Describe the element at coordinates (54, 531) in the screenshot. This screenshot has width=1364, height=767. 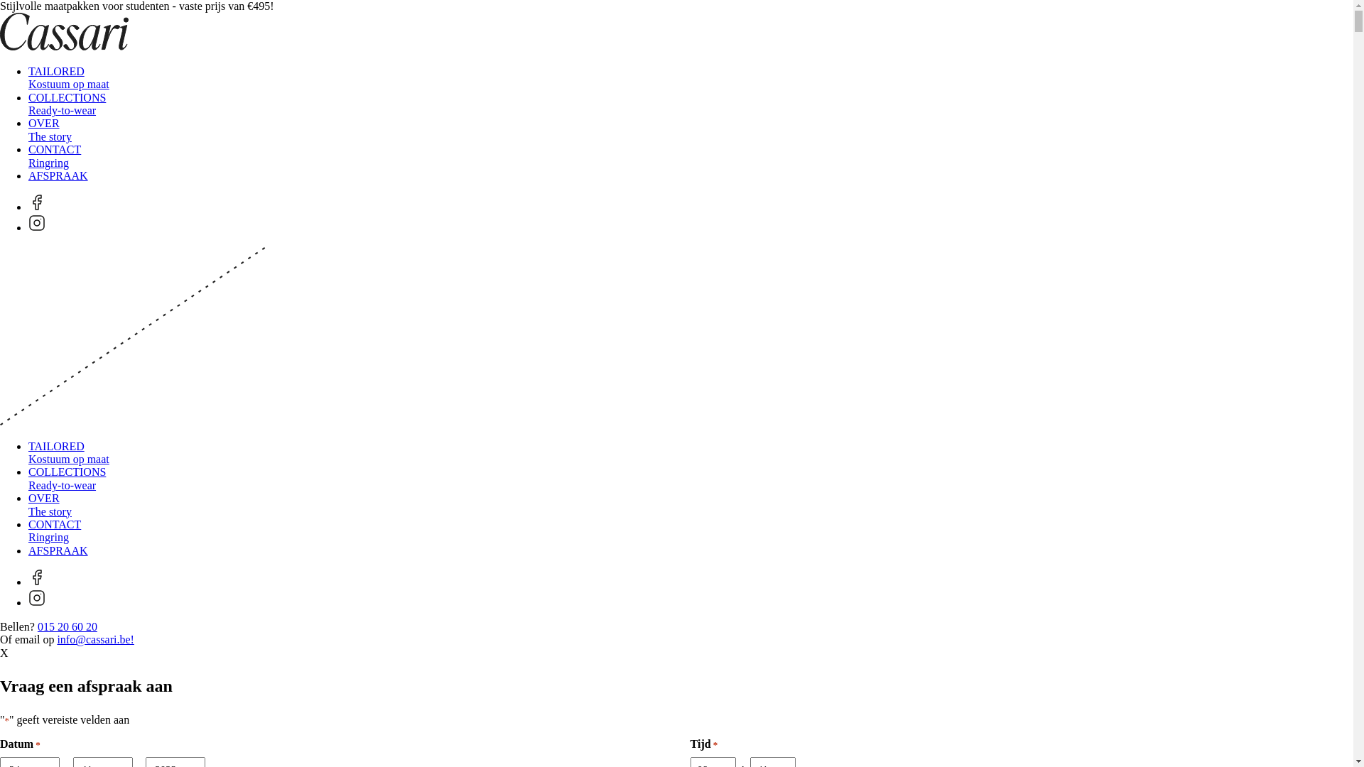
I see `'CONTACT` at that location.